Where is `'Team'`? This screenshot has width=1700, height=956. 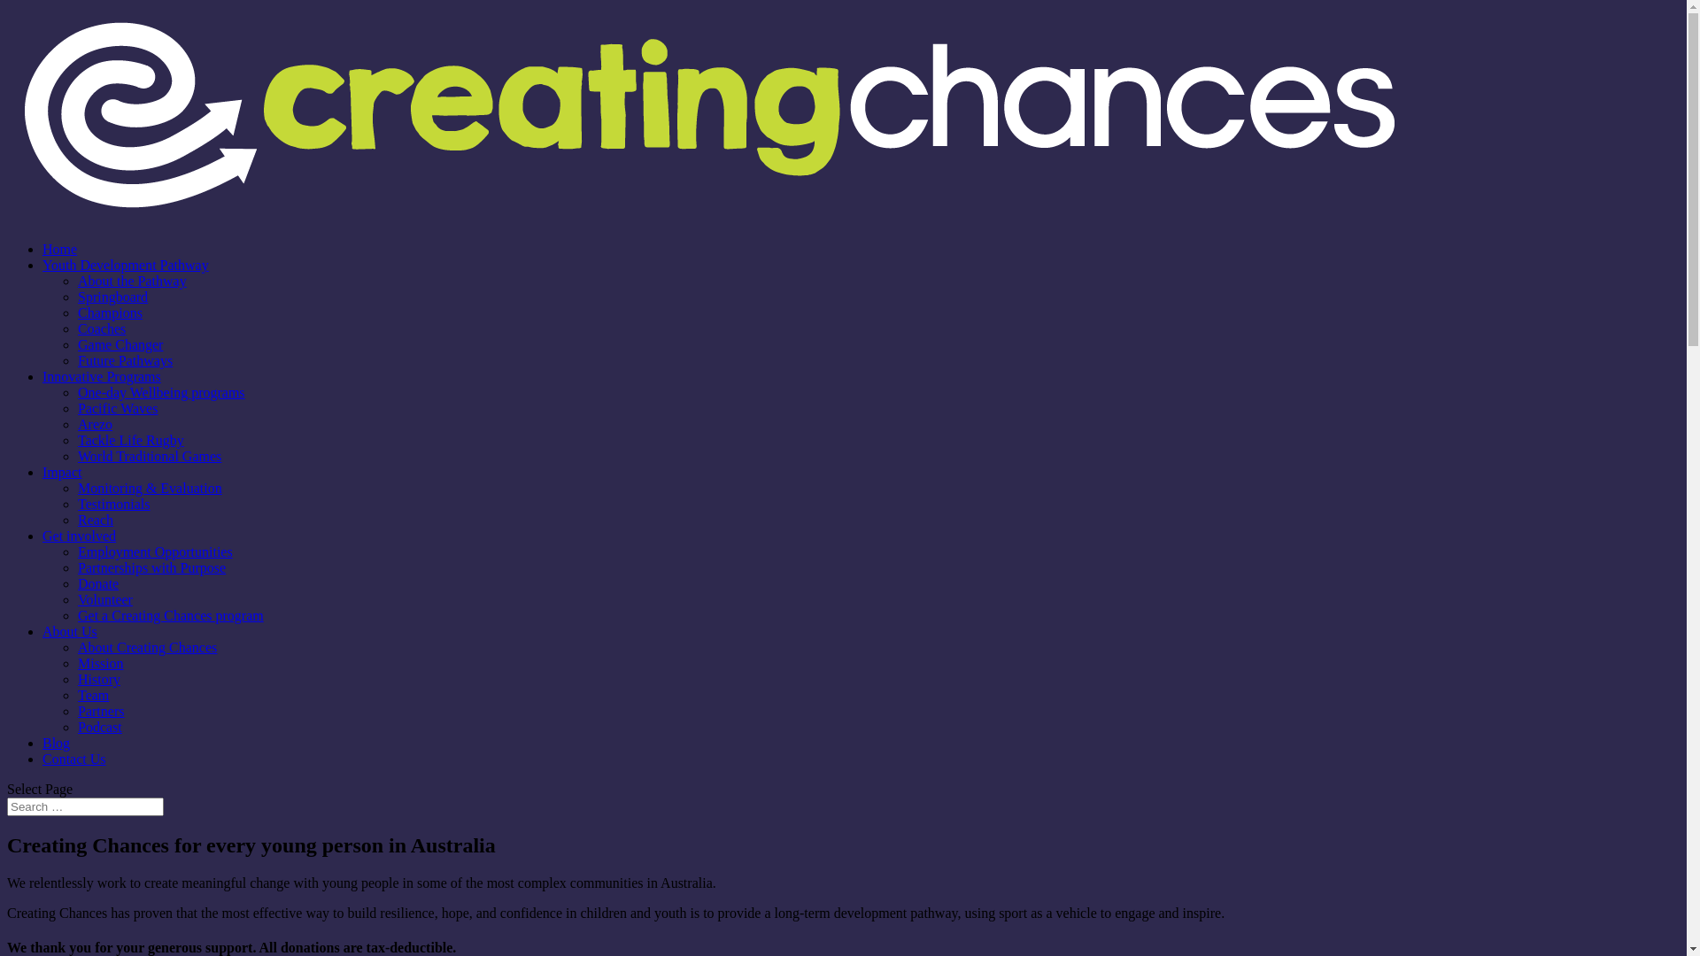
'Team' is located at coordinates (92, 694).